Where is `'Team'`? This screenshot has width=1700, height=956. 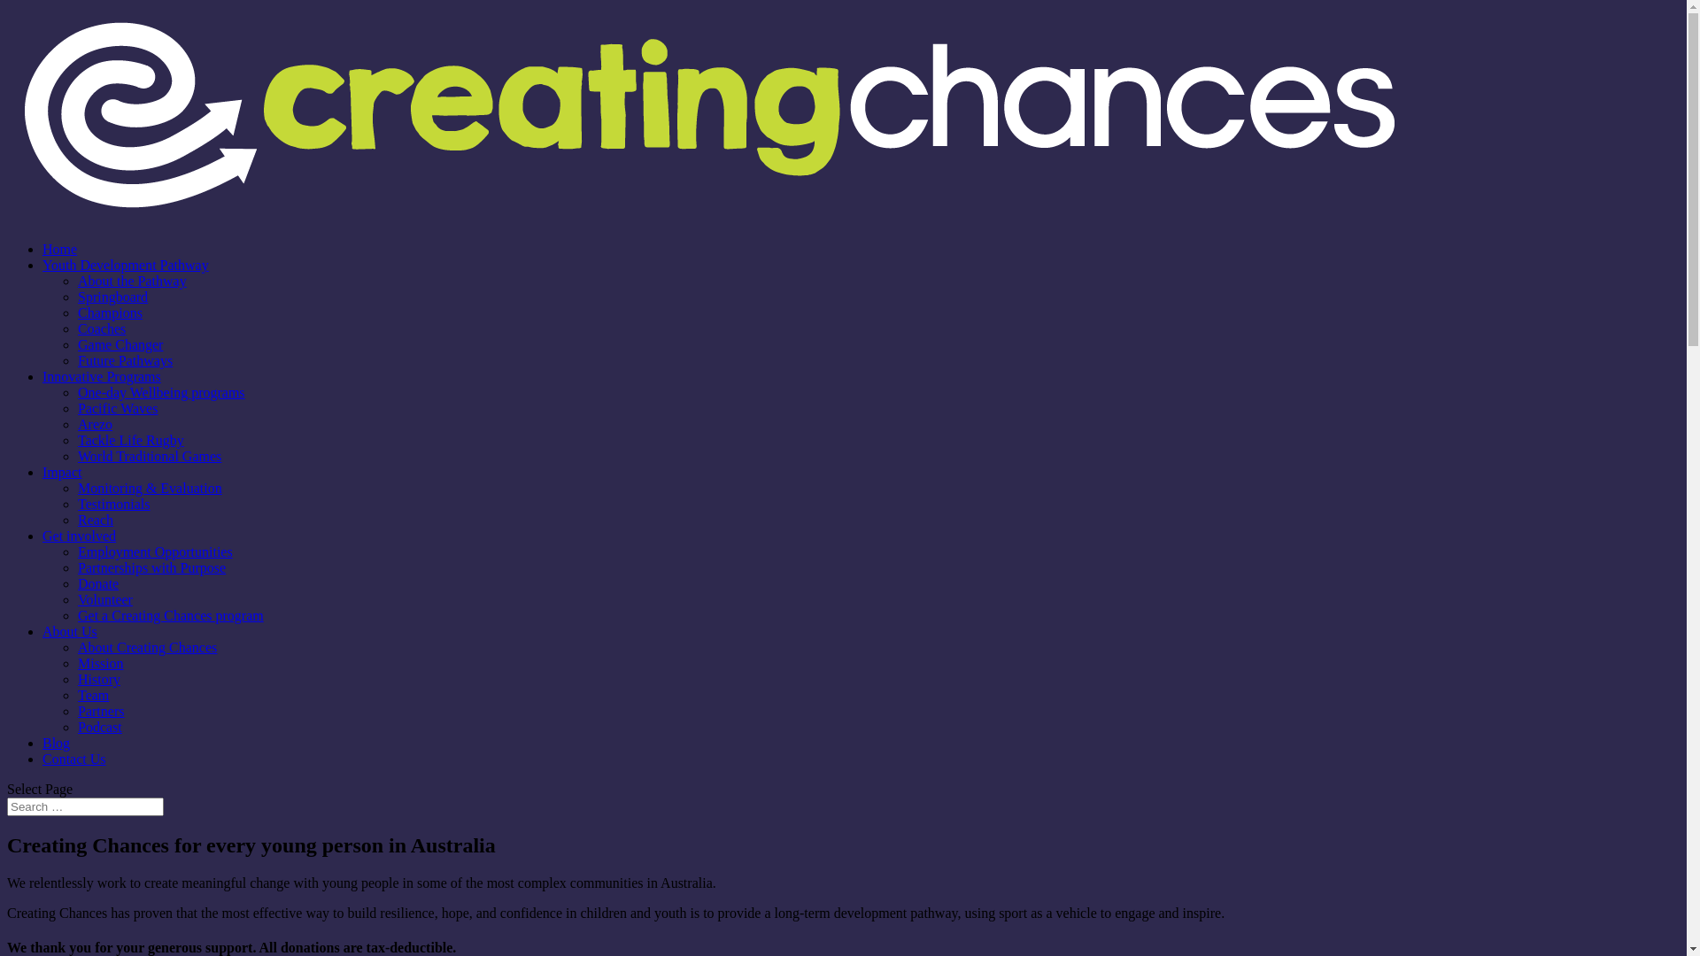
'Team' is located at coordinates (92, 694).